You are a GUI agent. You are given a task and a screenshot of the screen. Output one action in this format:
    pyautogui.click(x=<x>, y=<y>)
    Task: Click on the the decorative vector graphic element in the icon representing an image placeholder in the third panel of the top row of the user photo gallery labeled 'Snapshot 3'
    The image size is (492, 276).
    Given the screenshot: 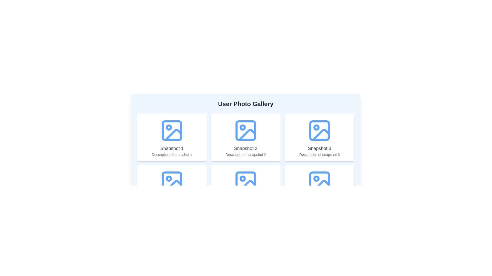 What is the action you would take?
    pyautogui.click(x=321, y=134)
    